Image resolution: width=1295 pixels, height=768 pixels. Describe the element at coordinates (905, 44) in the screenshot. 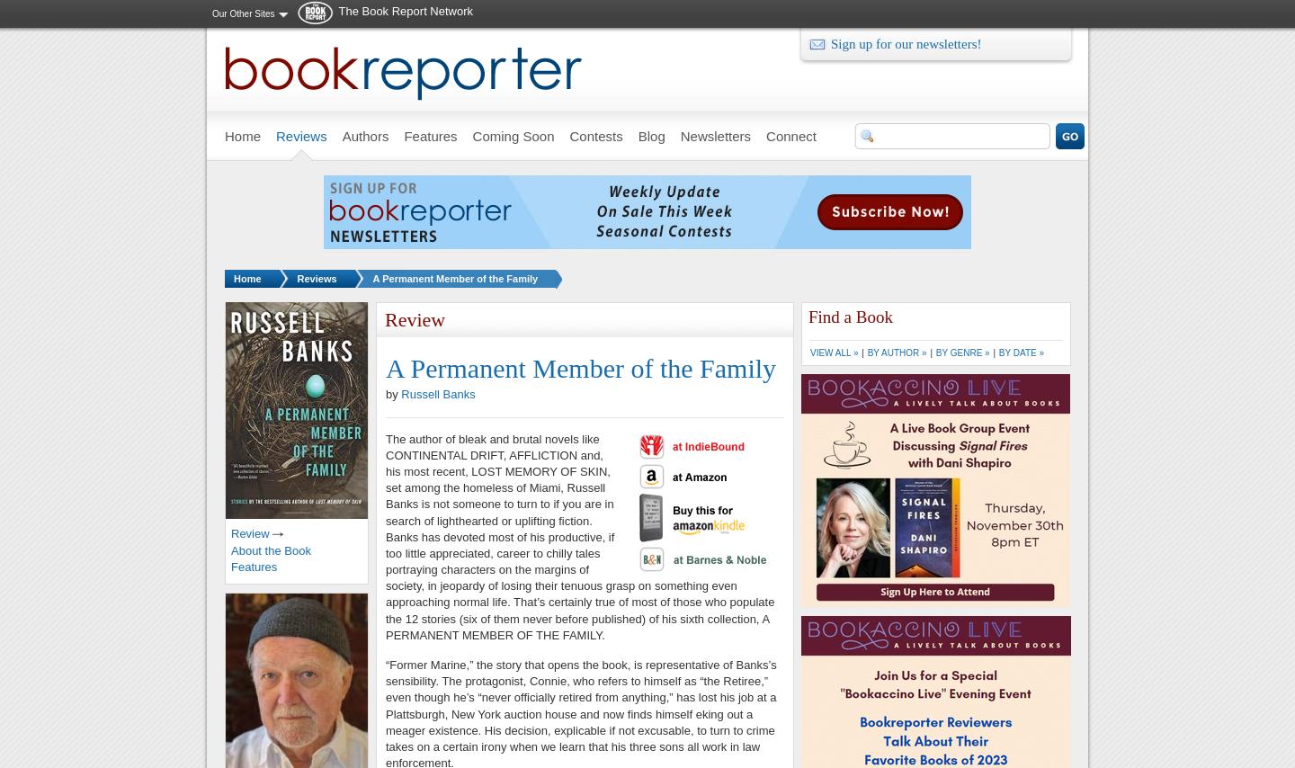

I see `'Sign up for our newsletters!'` at that location.